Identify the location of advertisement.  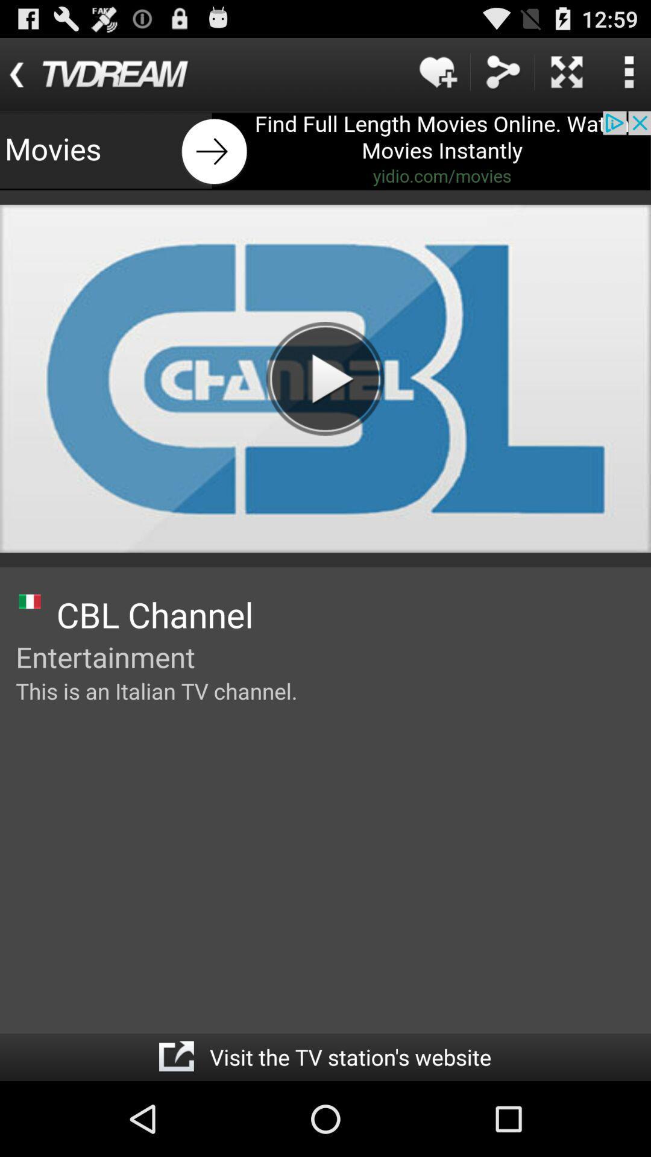
(325, 150).